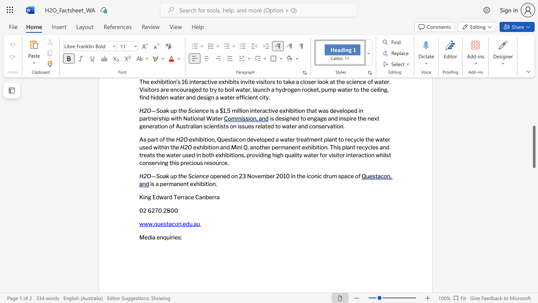 Image resolution: width=538 pixels, height=303 pixels. I want to click on the scrollbar and move up 140 pixels, so click(533, 146).